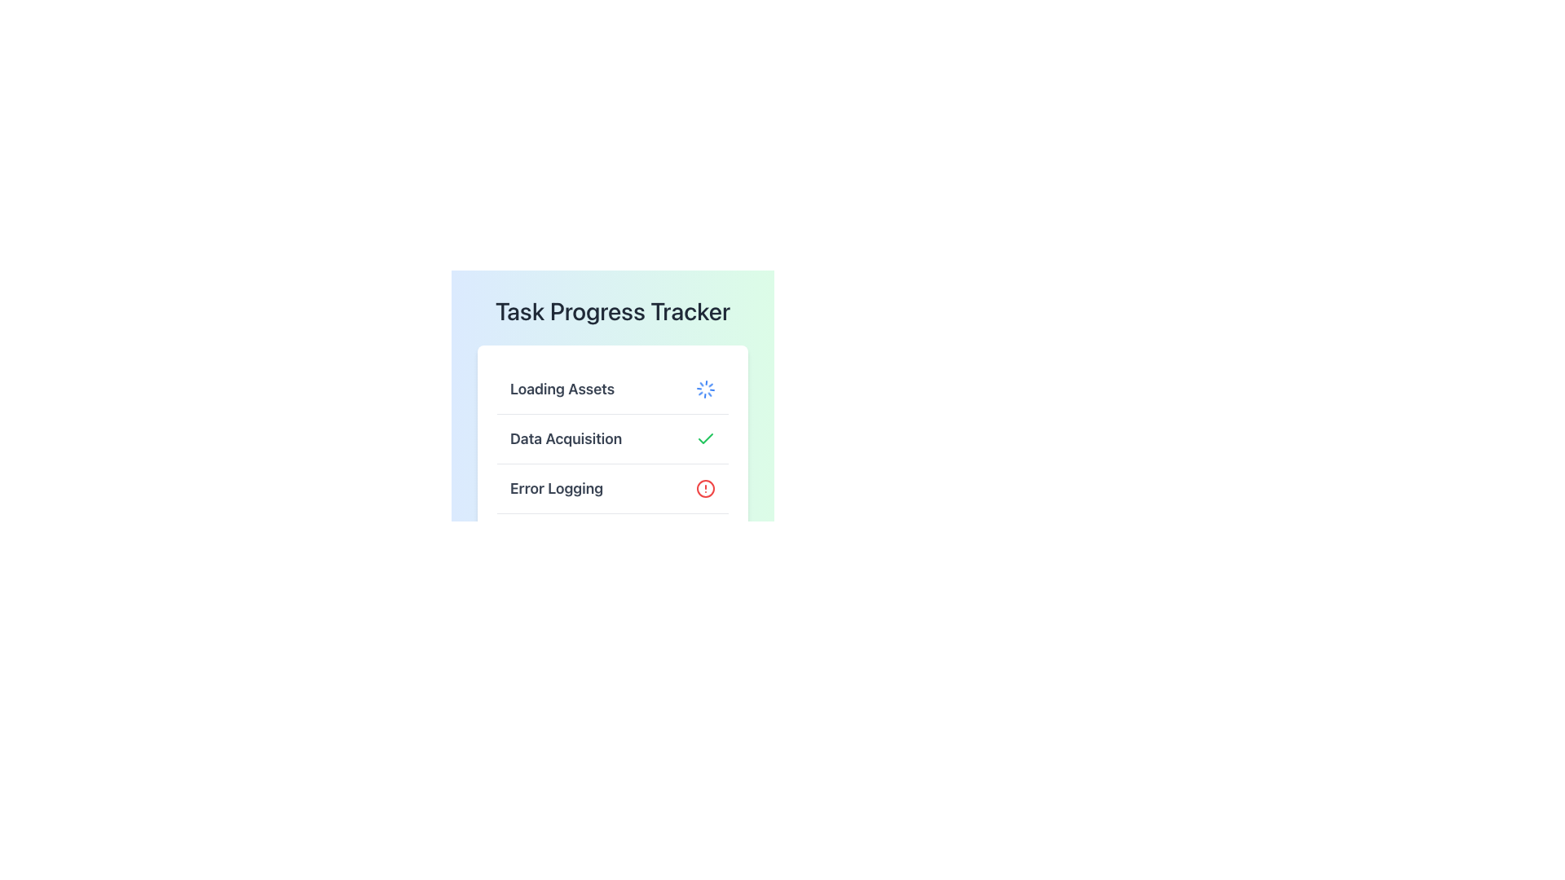 The image size is (1565, 880). Describe the element at coordinates (612, 389) in the screenshot. I see `text 'Loading Assets' from the topmost Text block with a spinner icon in the 'Task Progress Tracker' section, which indicates that assets are currently being loaded` at that location.